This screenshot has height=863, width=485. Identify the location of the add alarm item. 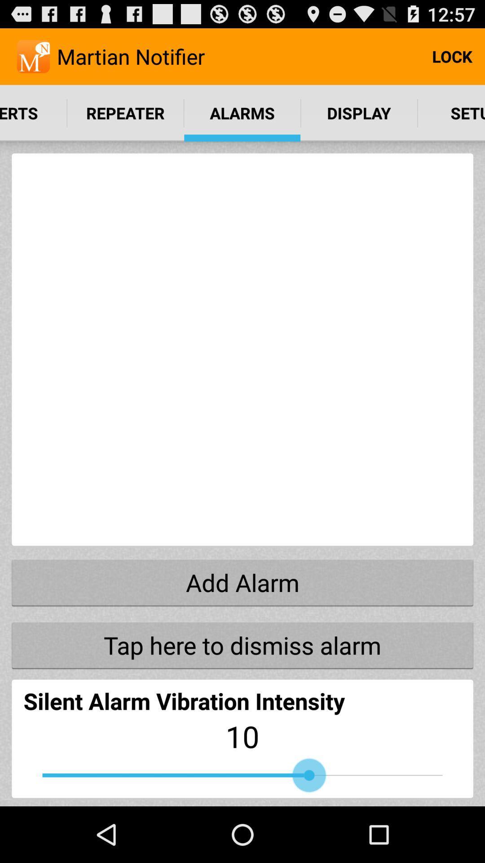
(242, 583).